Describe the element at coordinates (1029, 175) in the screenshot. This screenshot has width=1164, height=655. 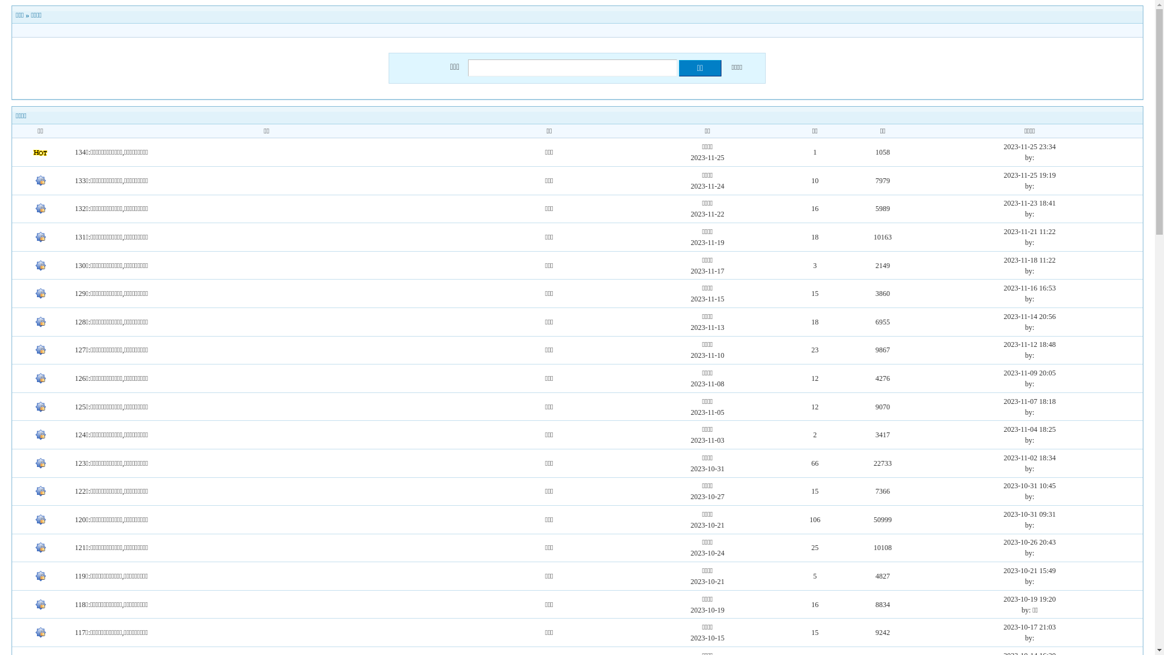
I see `'2023-11-25 19:19'` at that location.